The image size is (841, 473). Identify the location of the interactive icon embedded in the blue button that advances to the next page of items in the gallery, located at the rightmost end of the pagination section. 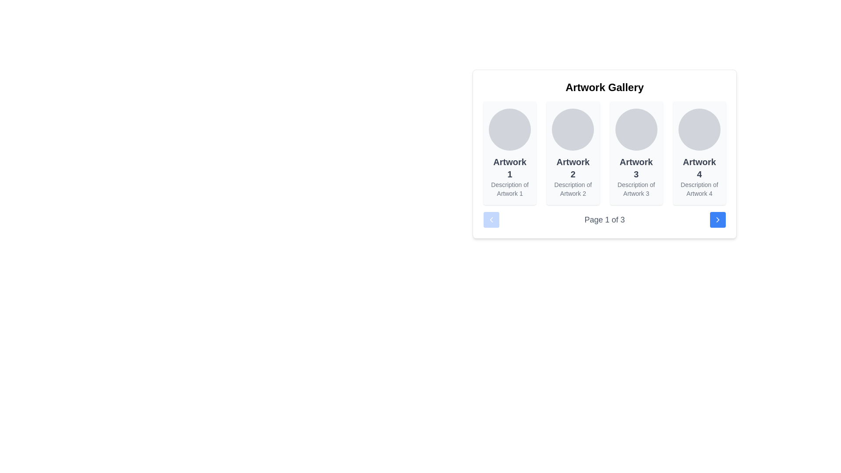
(717, 219).